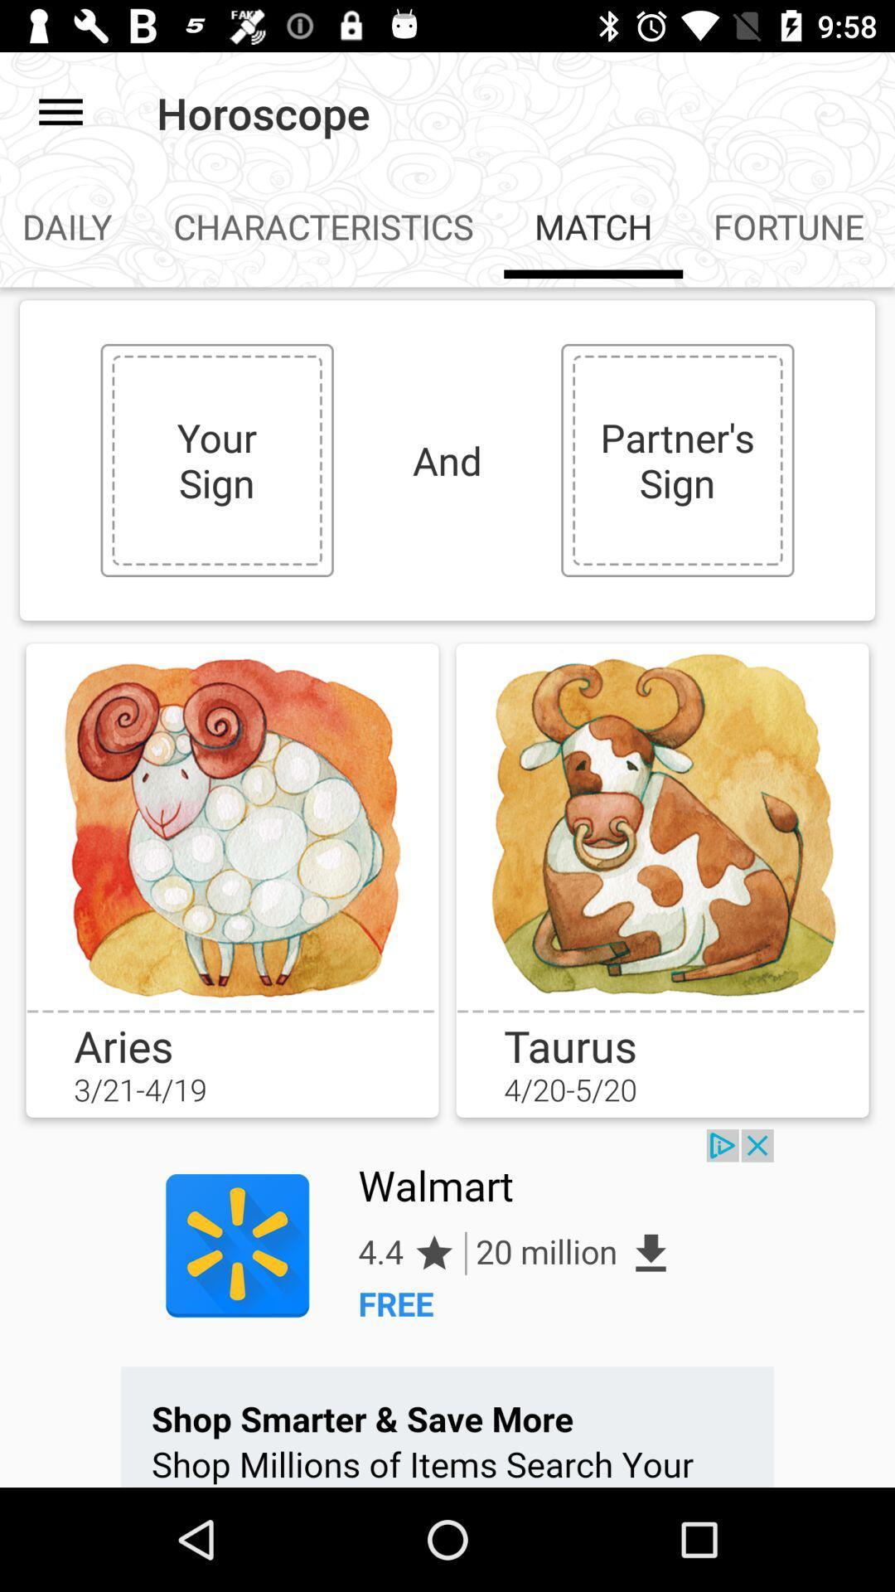 The height and width of the screenshot is (1592, 895). What do you see at coordinates (661, 826) in the screenshot?
I see `choose your option` at bounding box center [661, 826].